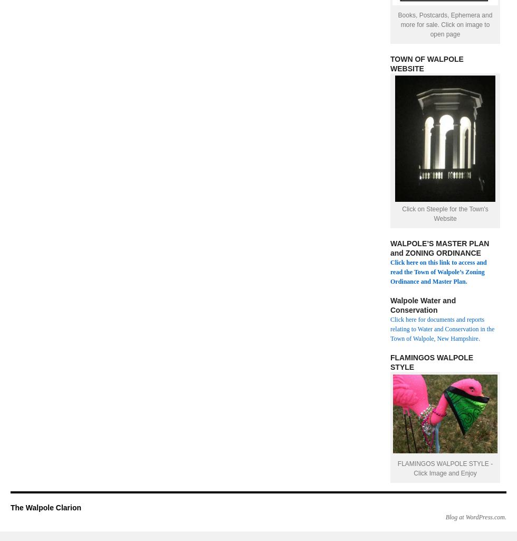 The image size is (517, 541). Describe the element at coordinates (439, 248) in the screenshot. I see `'WALPOLE’S MASTER PLAN and ZONING ORDINANCE'` at that location.